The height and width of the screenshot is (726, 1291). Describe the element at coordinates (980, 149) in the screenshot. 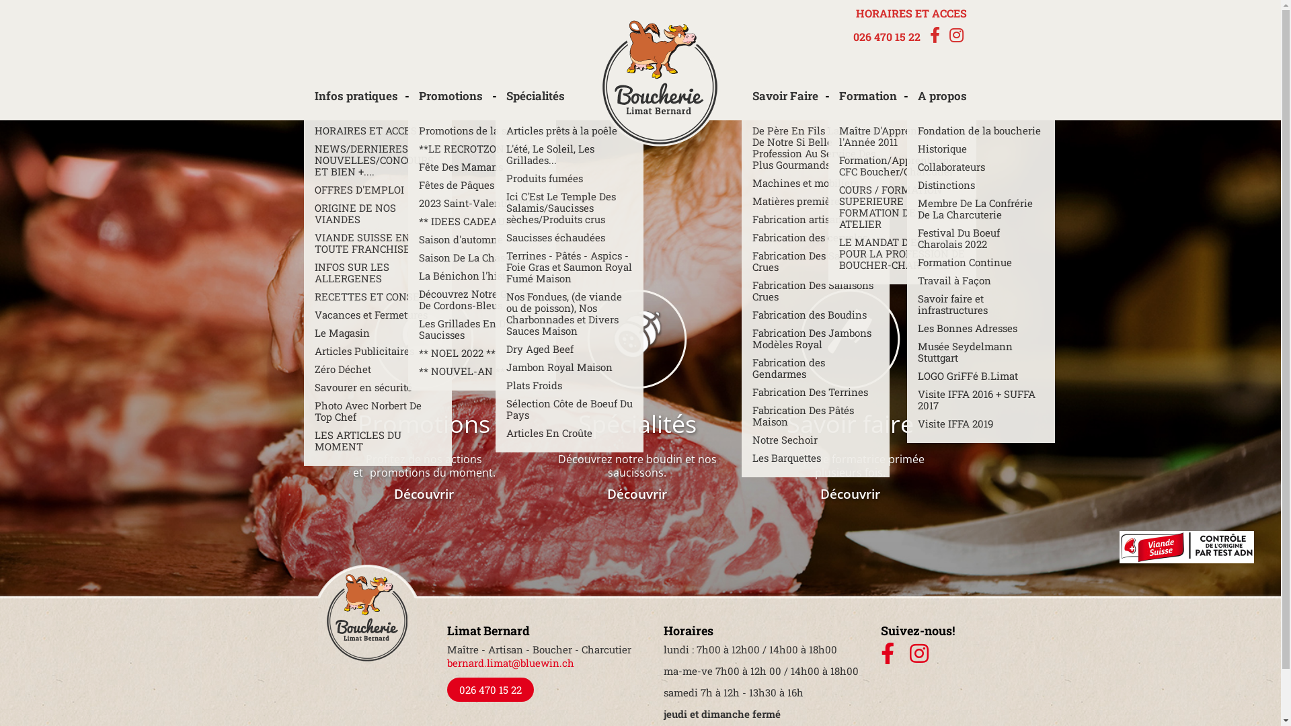

I see `'Historique'` at that location.